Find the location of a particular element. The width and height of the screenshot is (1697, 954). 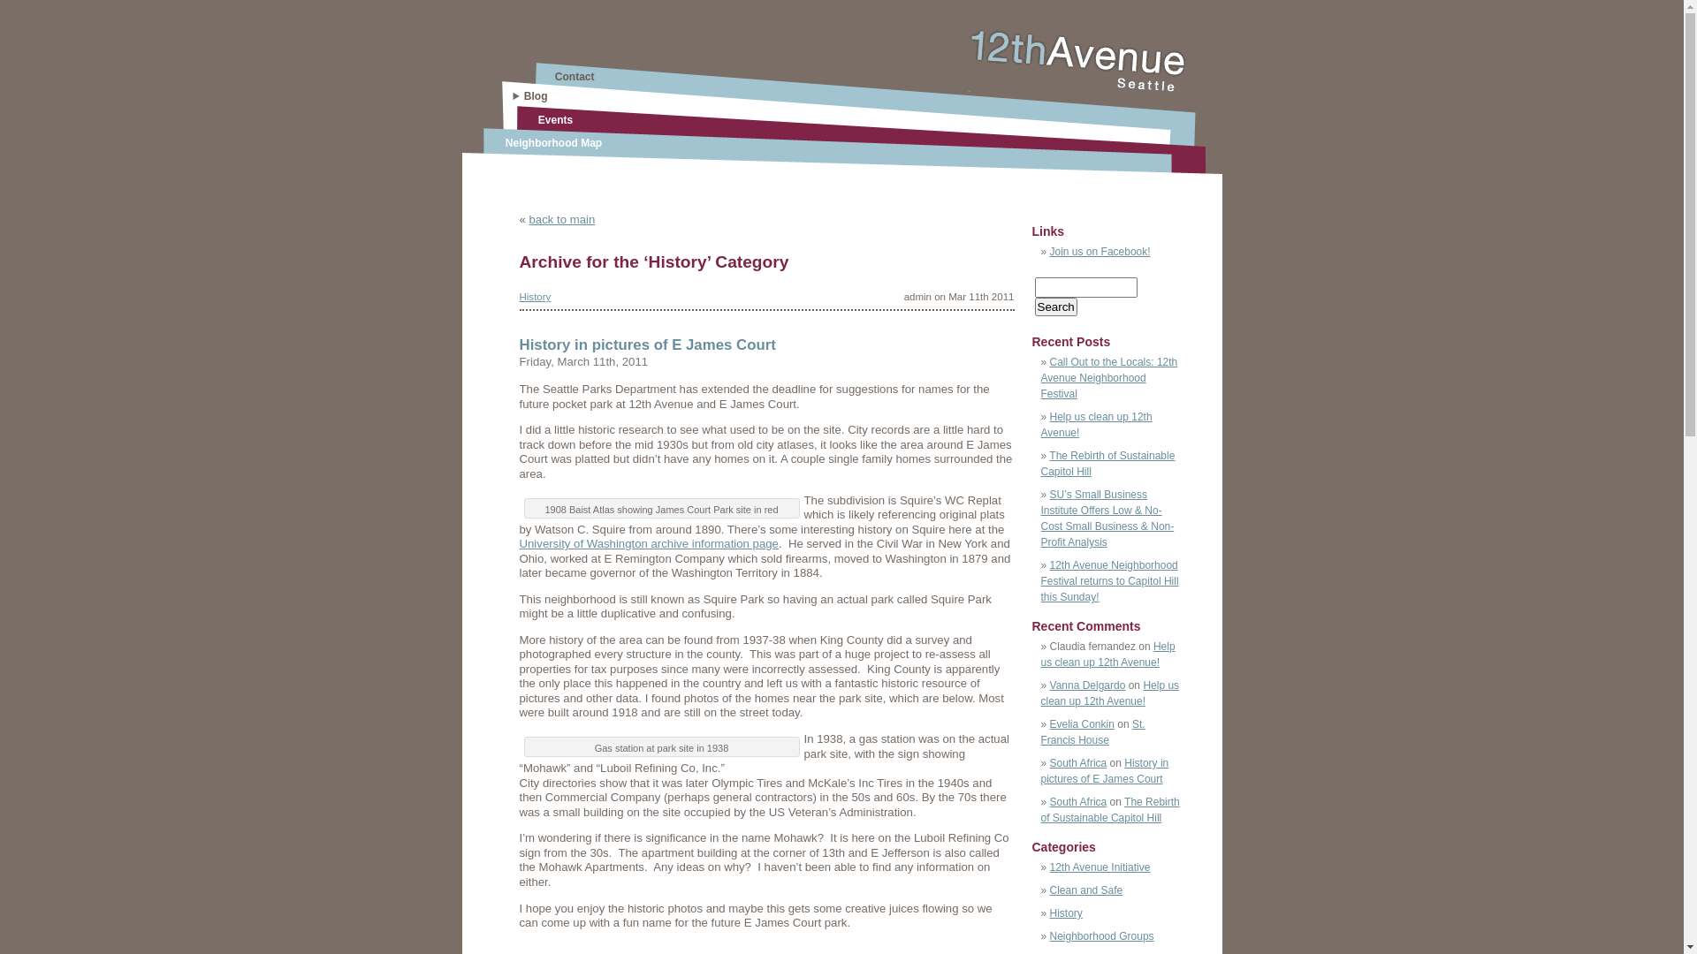

'12th Avenue Initiative' is located at coordinates (1099, 867).